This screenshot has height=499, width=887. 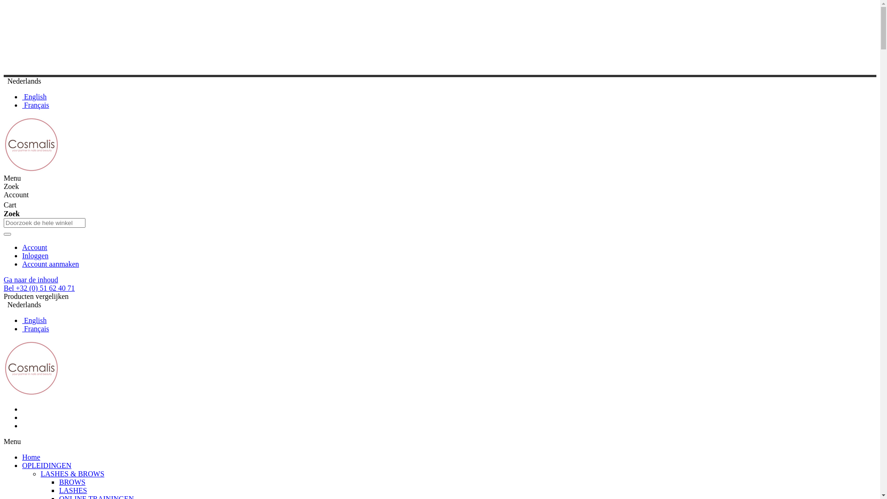 I want to click on 'LASHES & BROWS', so click(x=72, y=474).